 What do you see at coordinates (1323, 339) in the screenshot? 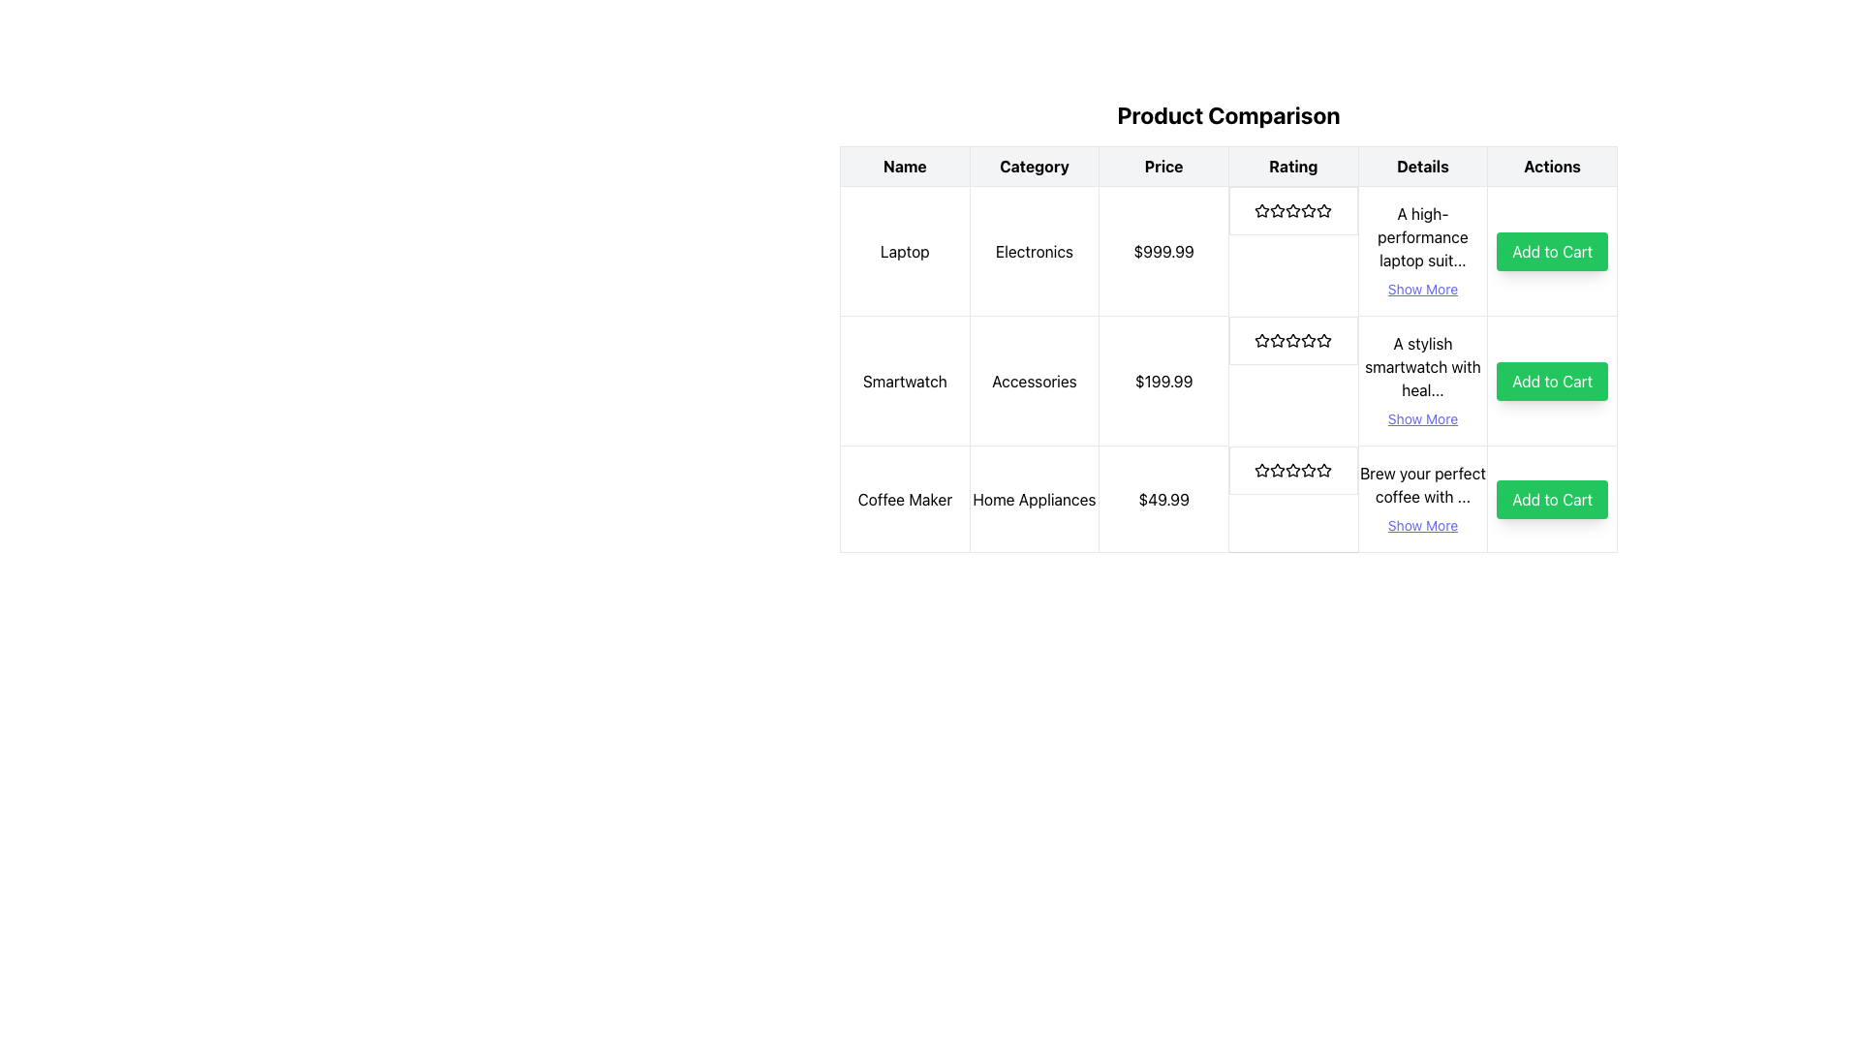
I see `the fifth star icon in the rating system for the 'Smartwatch' product, located in the second row of the table under the 'Rating' column` at bounding box center [1323, 339].